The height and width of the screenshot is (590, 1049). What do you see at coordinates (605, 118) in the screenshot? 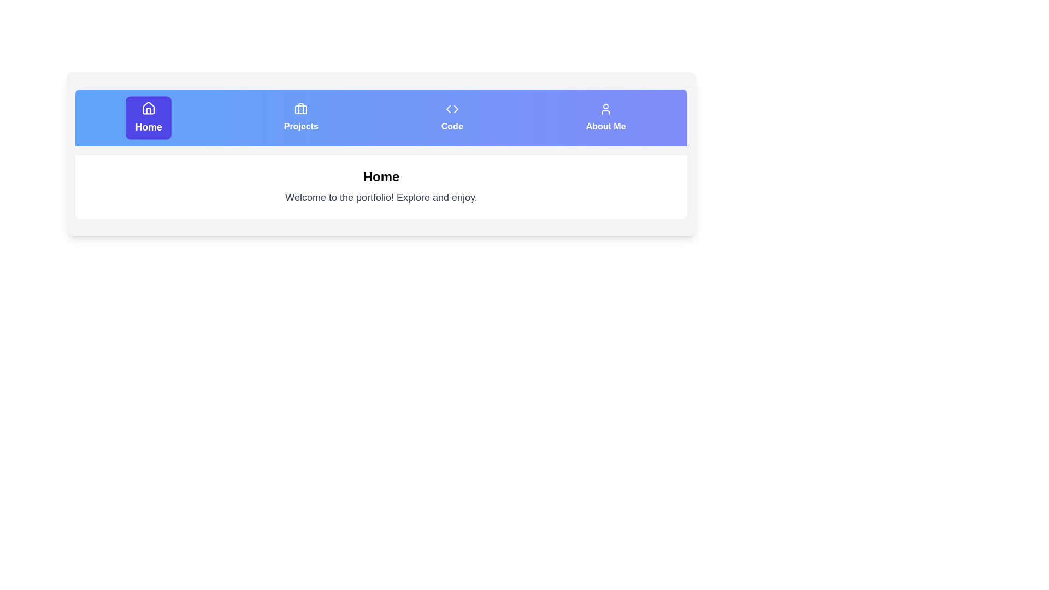
I see `the About Me tab to navigate to its content` at bounding box center [605, 118].